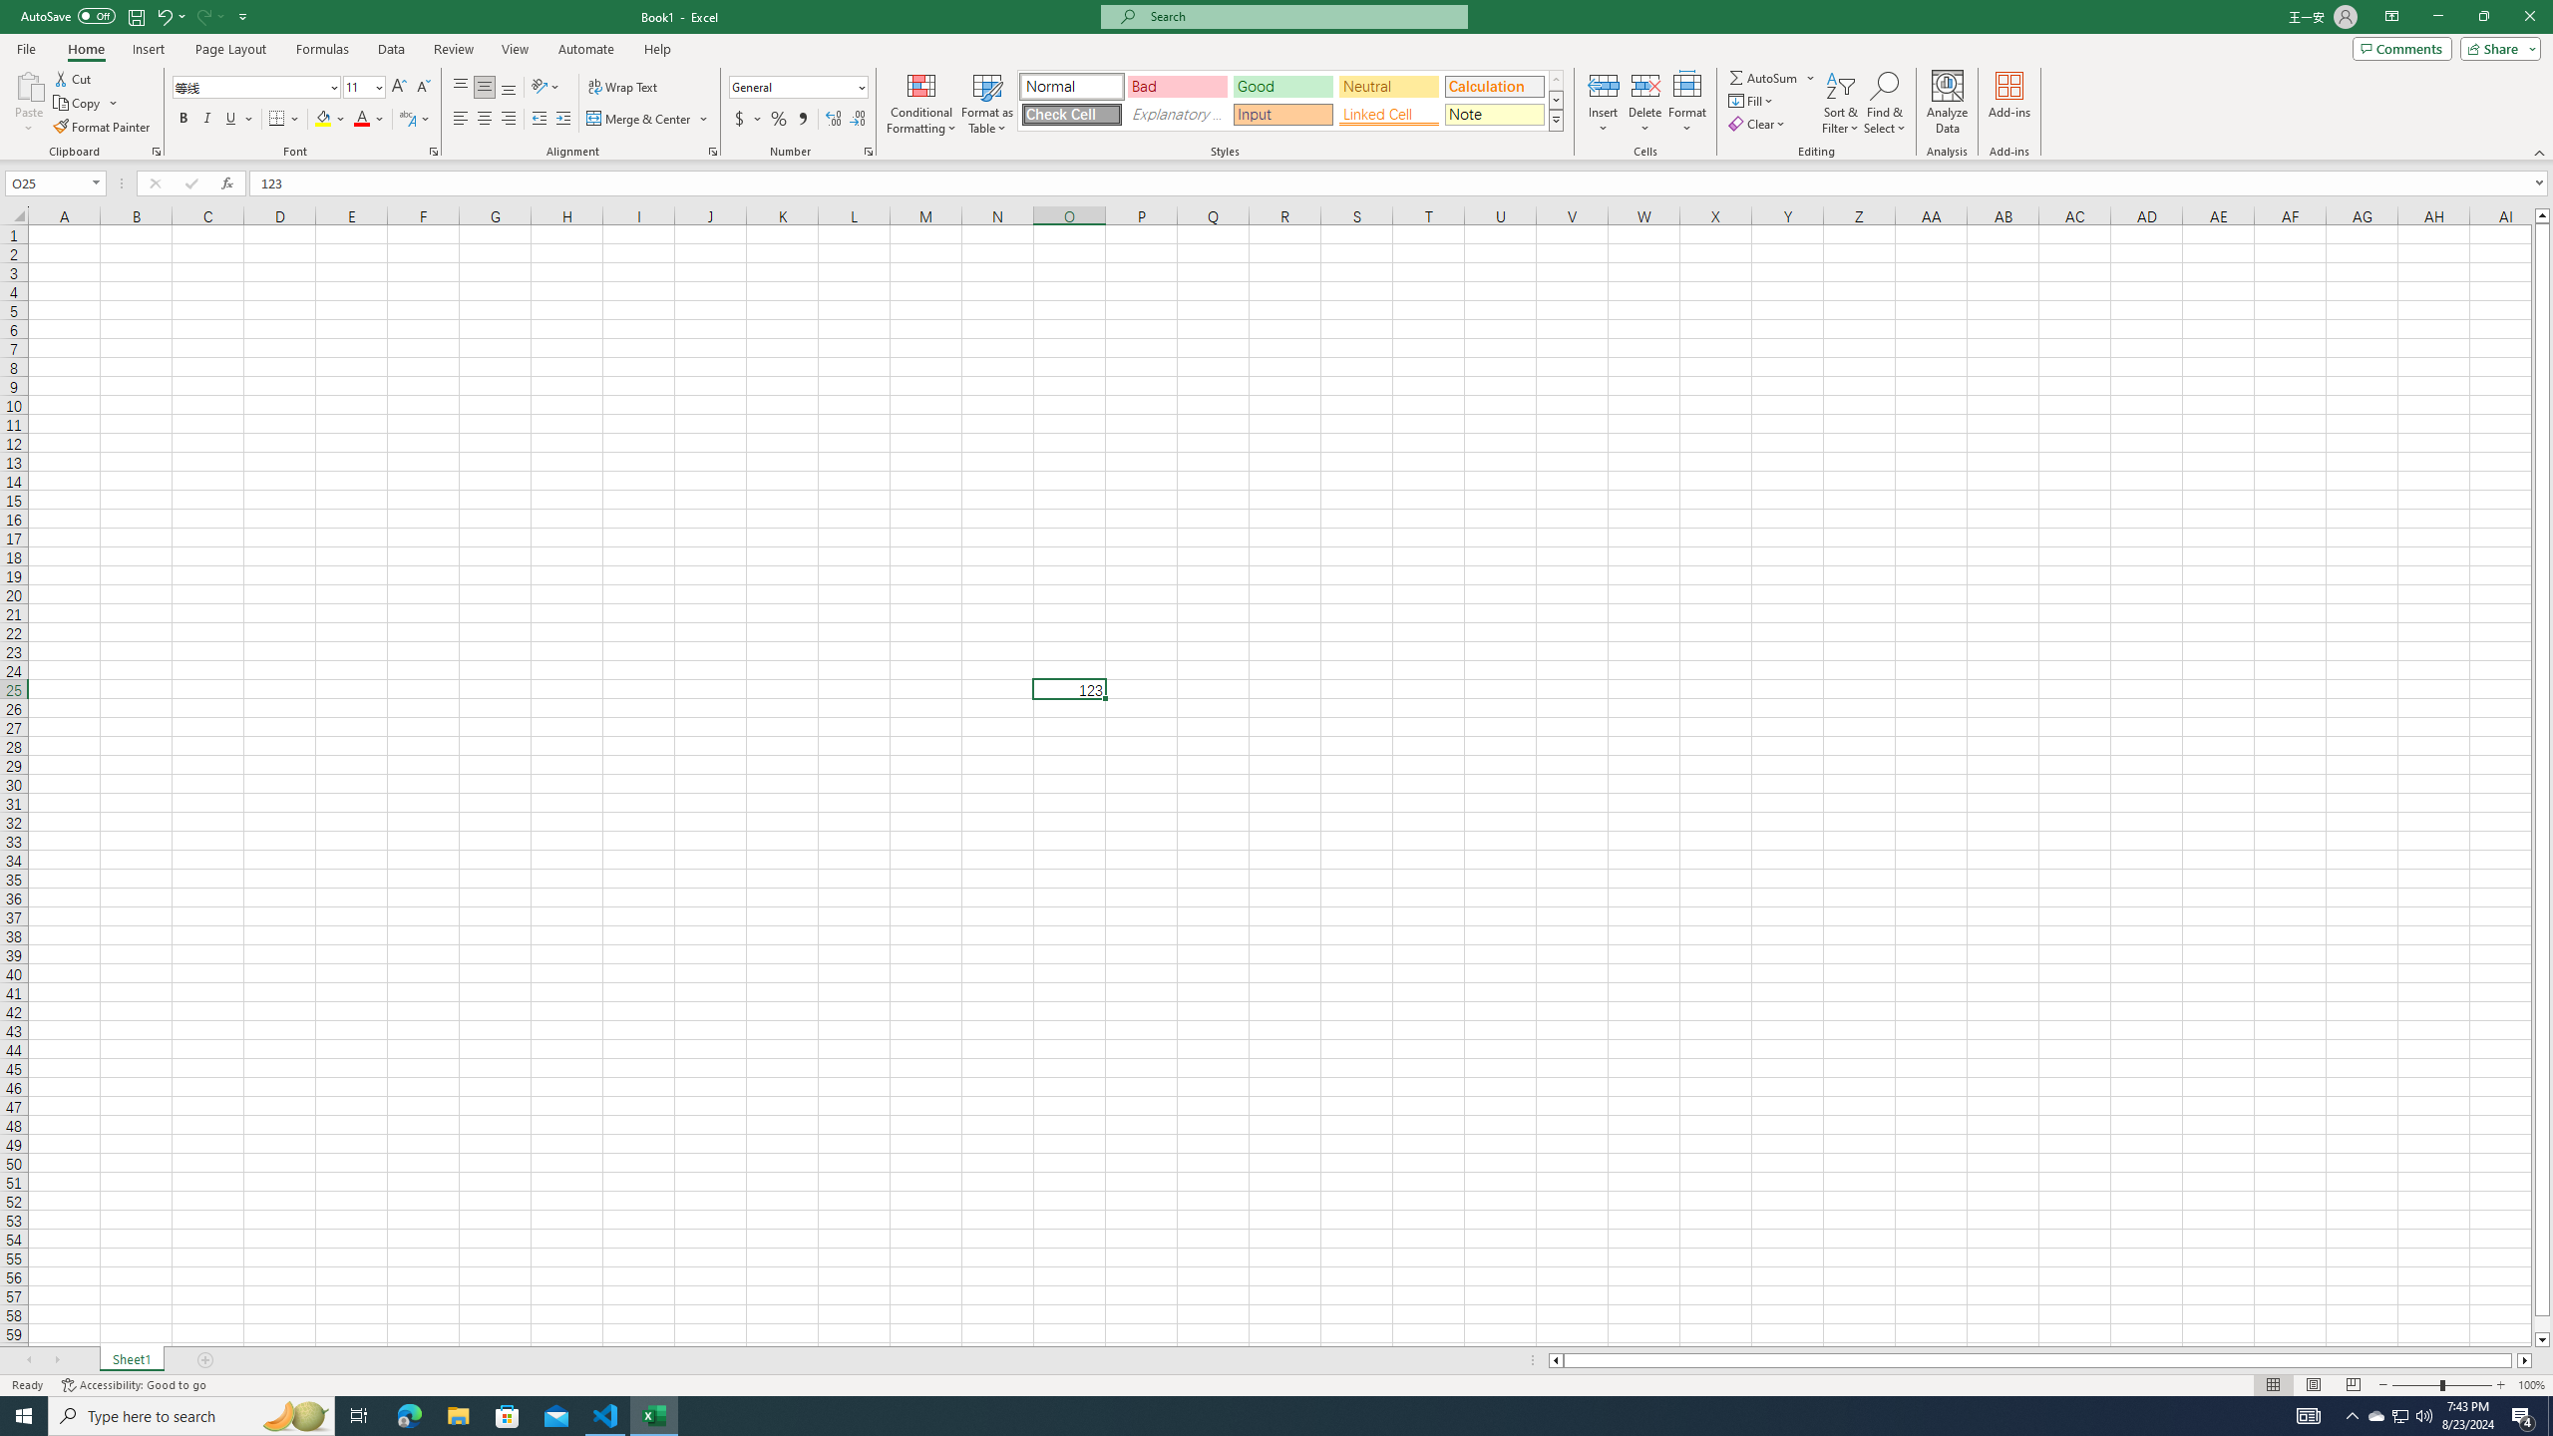  Describe the element at coordinates (1947, 103) in the screenshot. I see `'Analyze Data'` at that location.